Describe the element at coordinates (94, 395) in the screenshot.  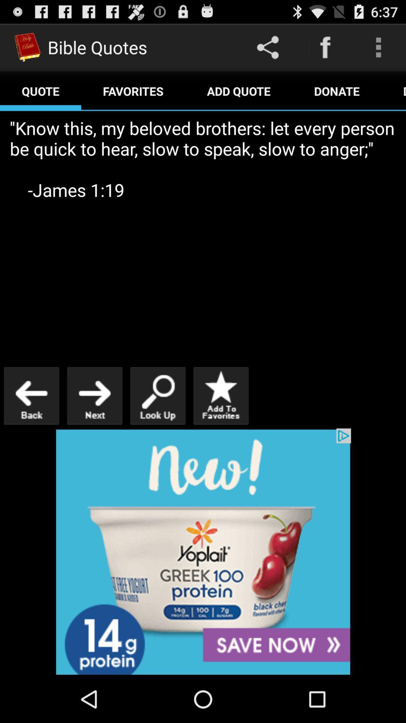
I see `next` at that location.